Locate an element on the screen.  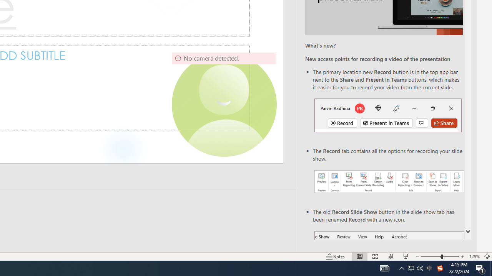
'Record button in top bar' is located at coordinates (388, 115).